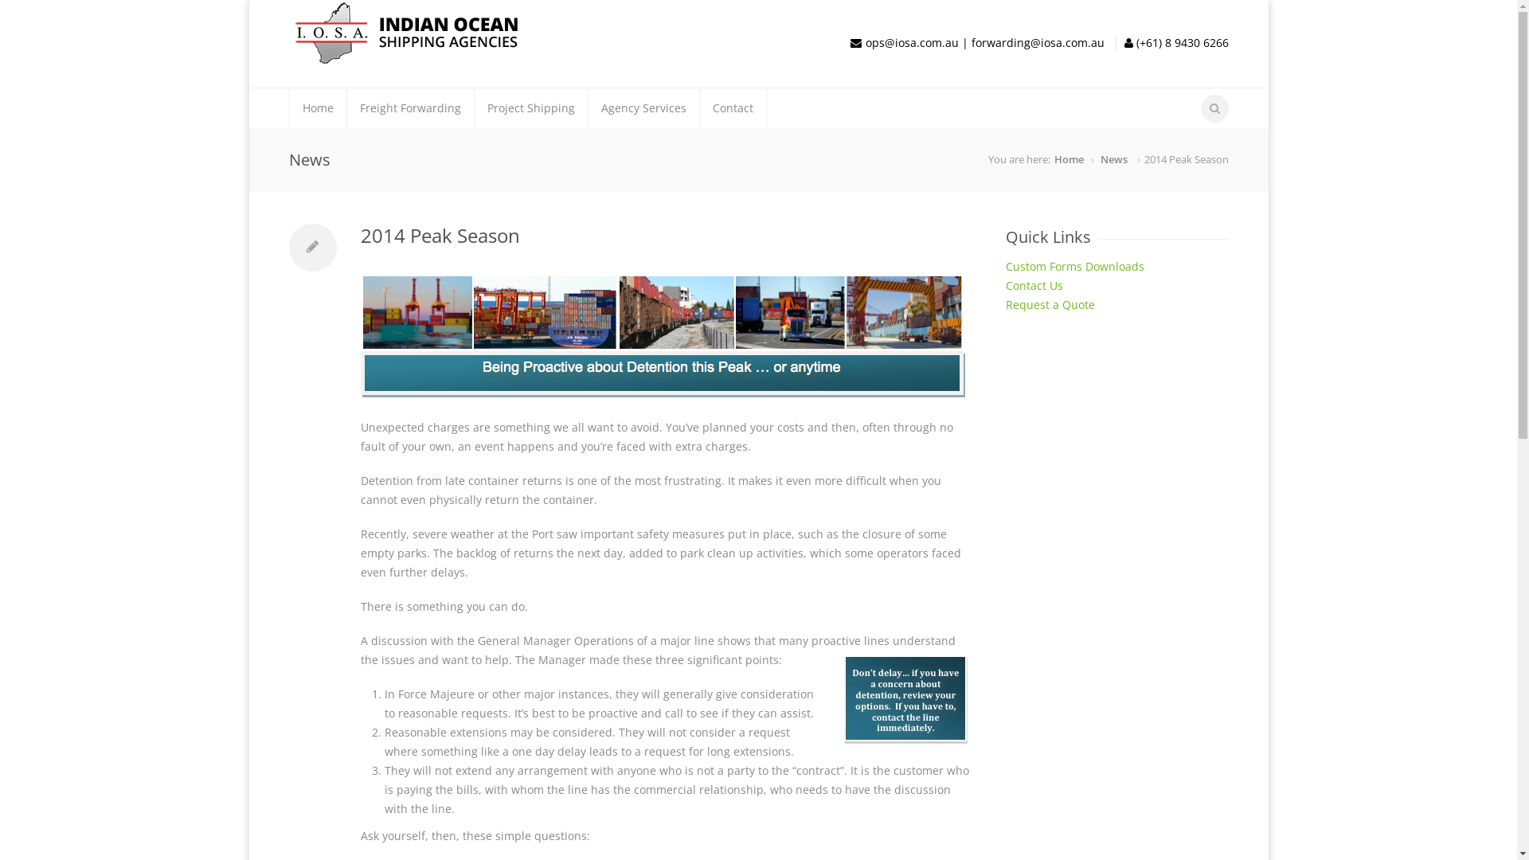  Describe the element at coordinates (290, 107) in the screenshot. I see `'Home'` at that location.